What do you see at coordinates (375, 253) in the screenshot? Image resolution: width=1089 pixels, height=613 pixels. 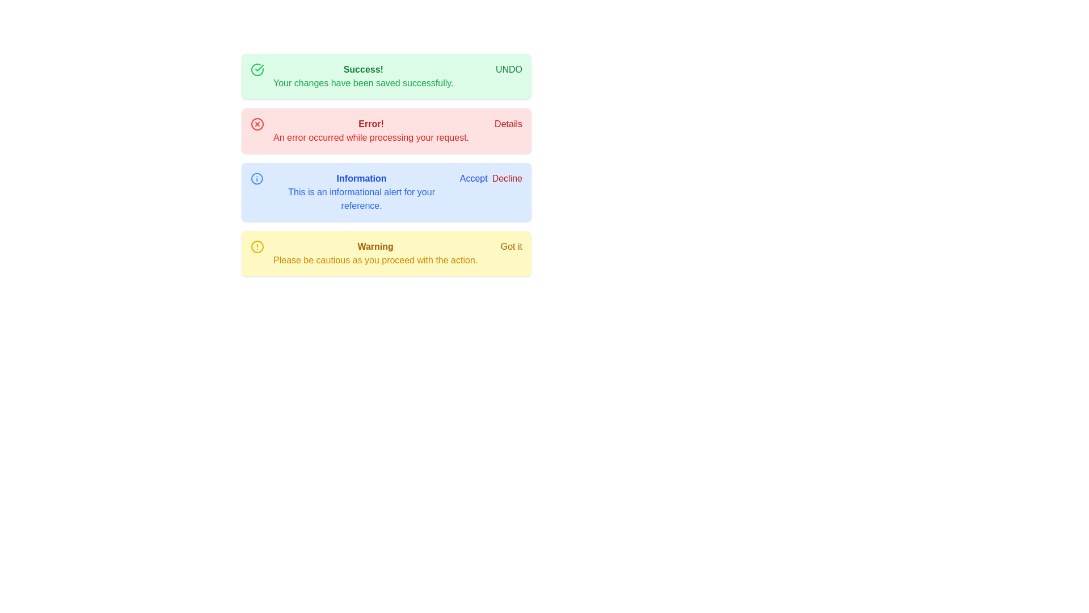 I see `the 'Warning' text block which displays a cautionary message in bold yellow text, located at the bottom of the alert messages stack` at bounding box center [375, 253].